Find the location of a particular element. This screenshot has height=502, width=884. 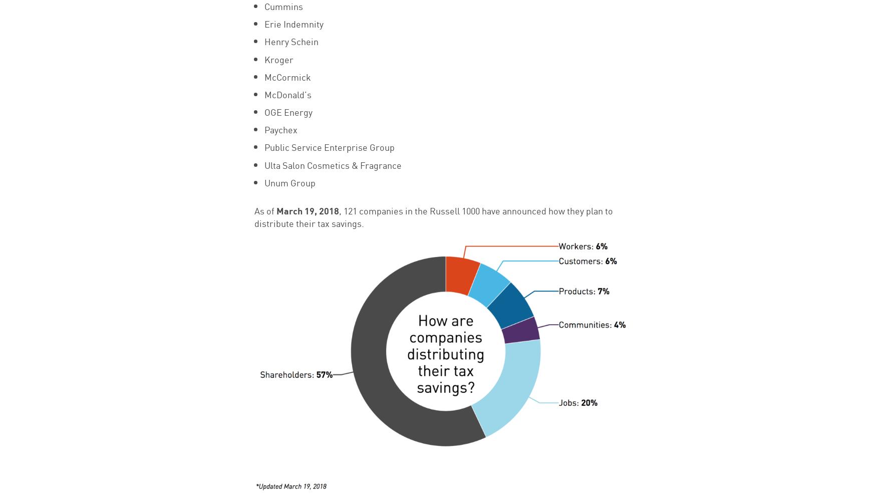

'OGE Energy' is located at coordinates (287, 112).